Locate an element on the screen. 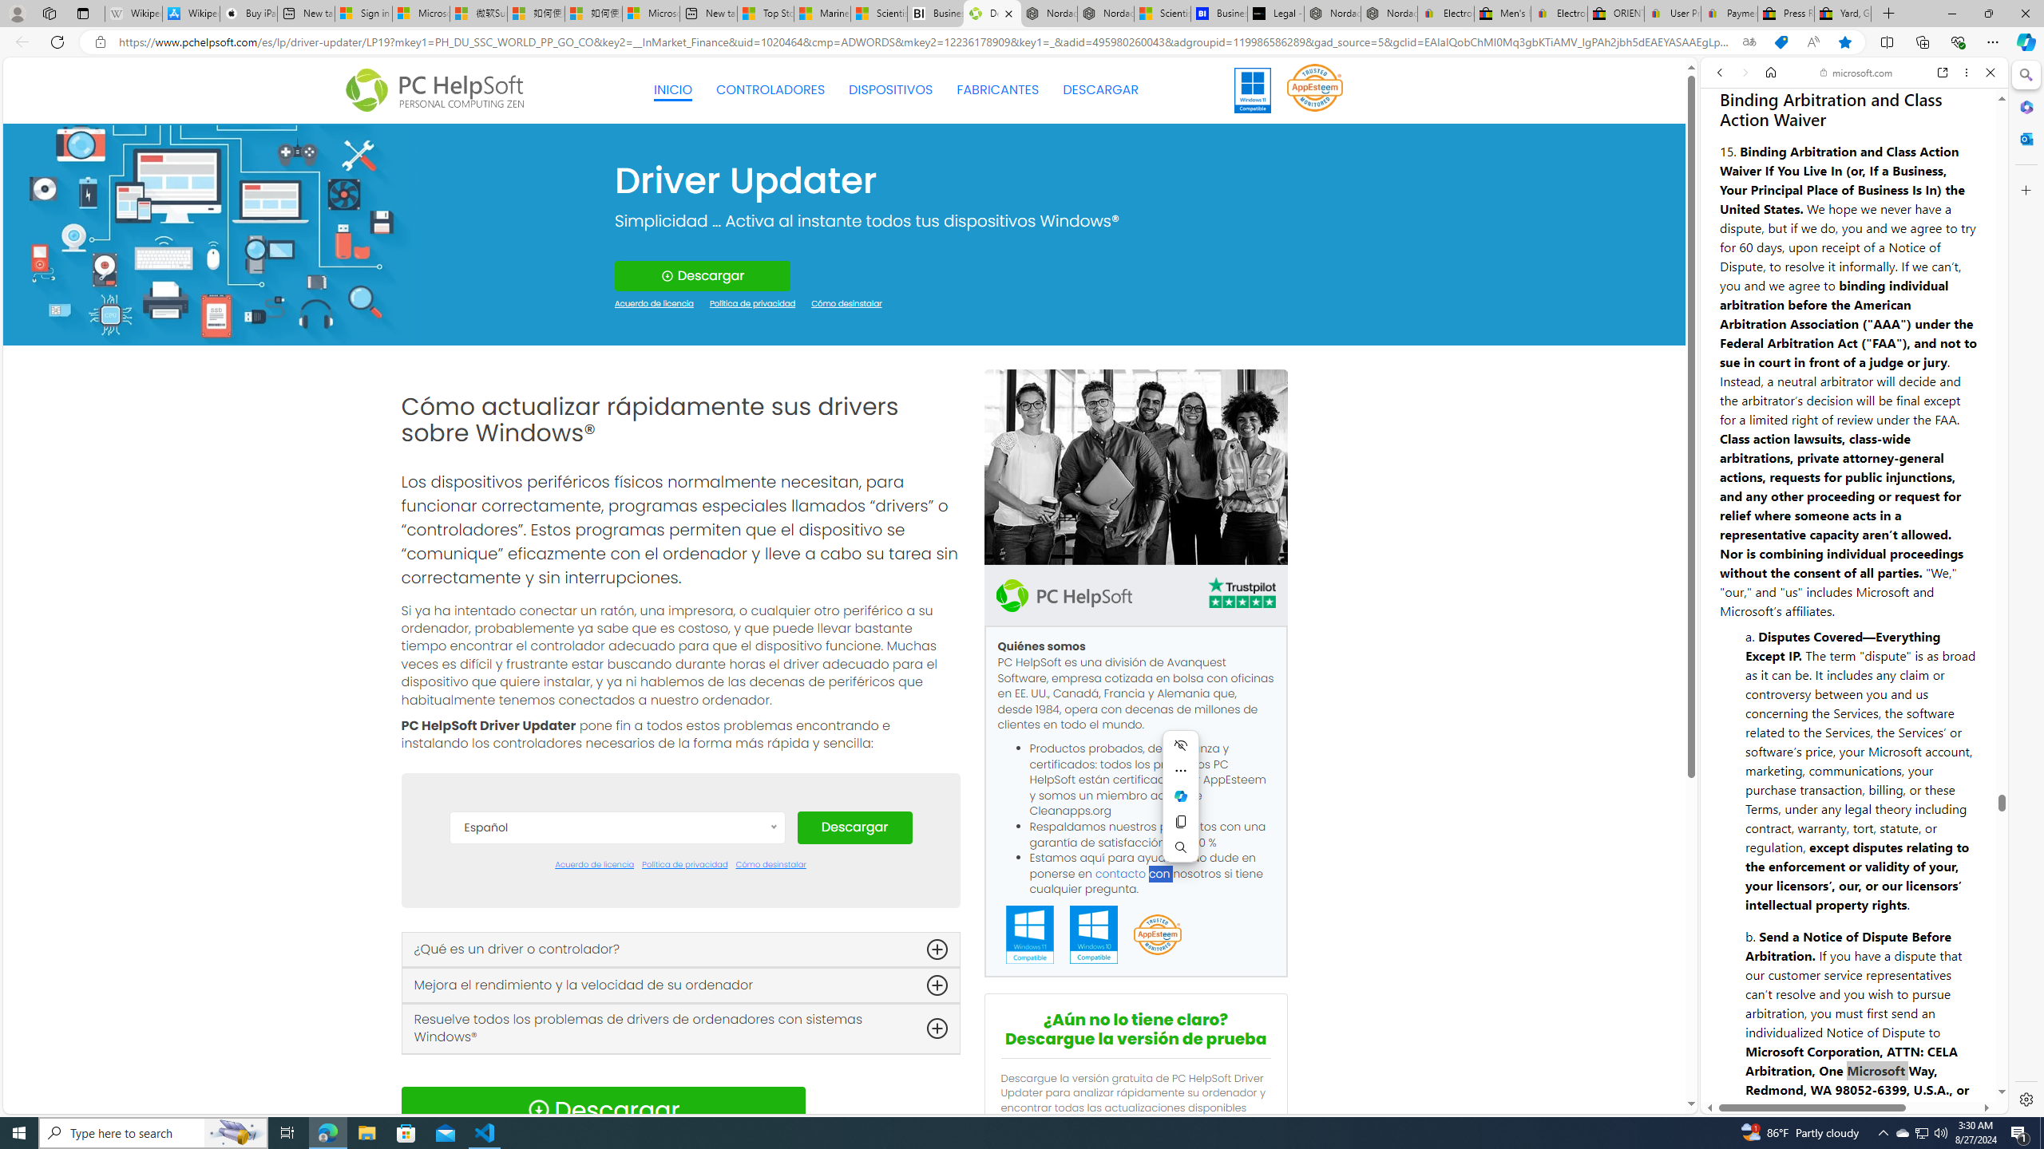 Image resolution: width=2044 pixels, height=1149 pixels. 'Side bar' is located at coordinates (2026, 586).